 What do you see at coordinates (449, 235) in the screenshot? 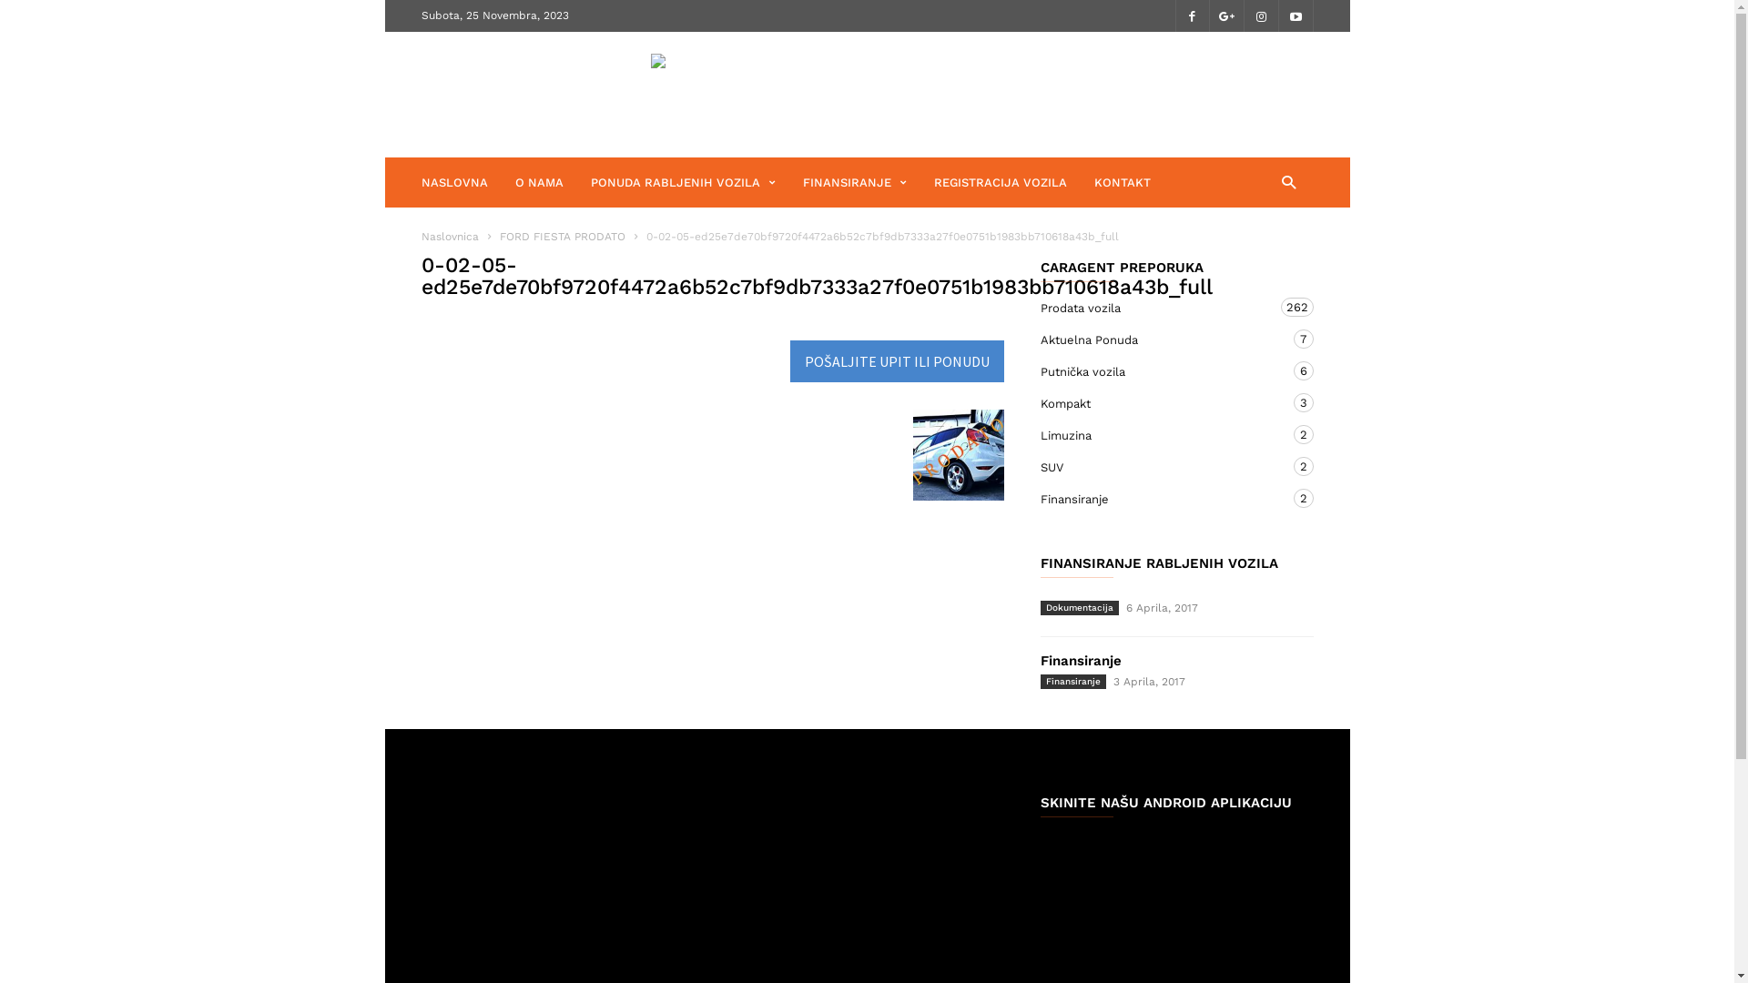
I see `'Naslovnica'` at bounding box center [449, 235].